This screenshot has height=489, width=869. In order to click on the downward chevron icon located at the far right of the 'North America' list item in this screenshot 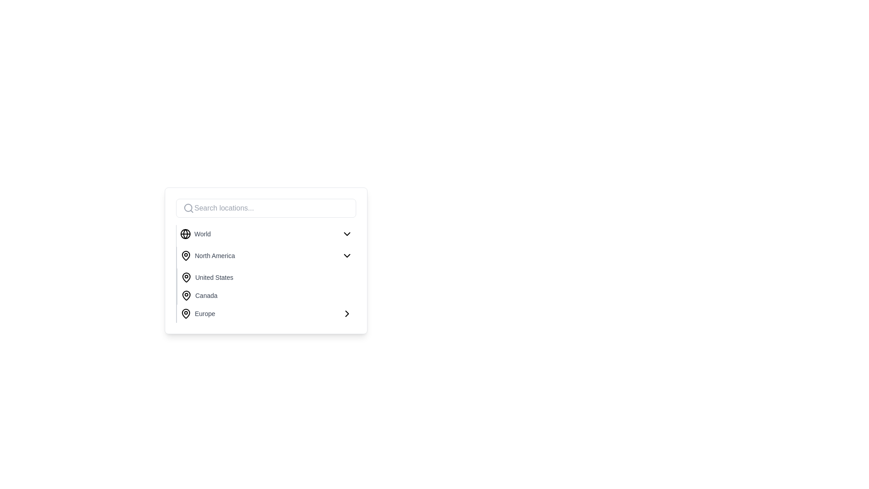, I will do `click(346, 255)`.